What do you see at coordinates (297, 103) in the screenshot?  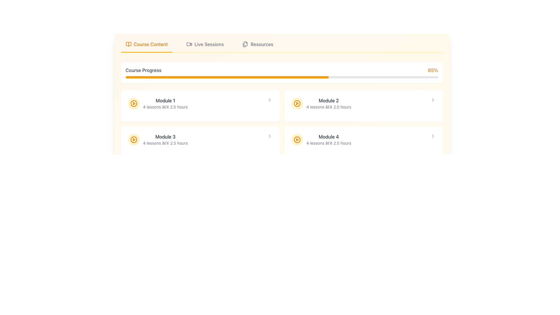 I see `the circular play button icon with amber colors located next to the text 'Module 2'` at bounding box center [297, 103].